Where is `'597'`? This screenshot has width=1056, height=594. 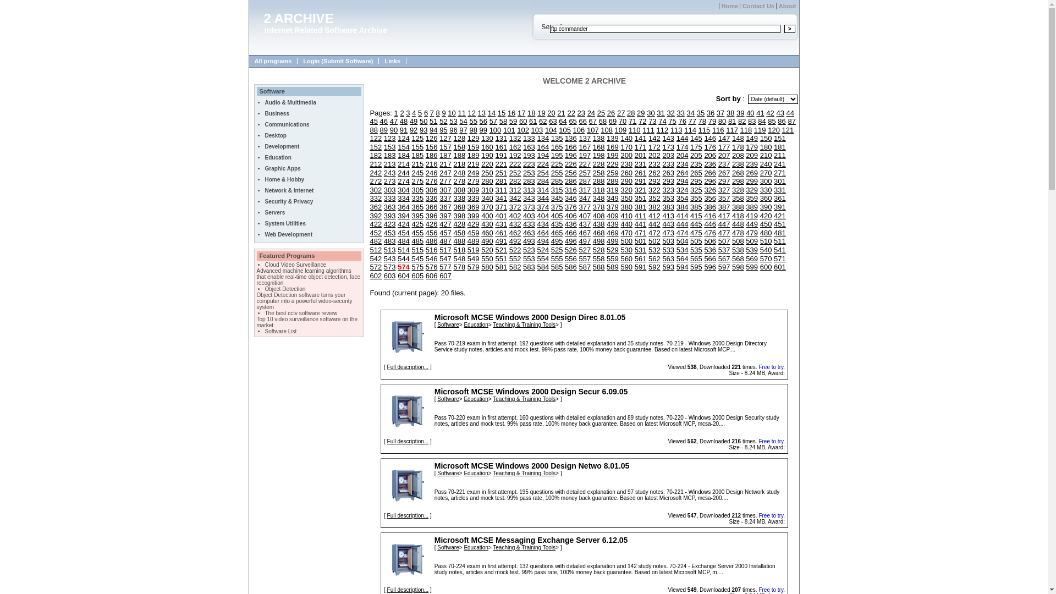
'597' is located at coordinates (718, 267).